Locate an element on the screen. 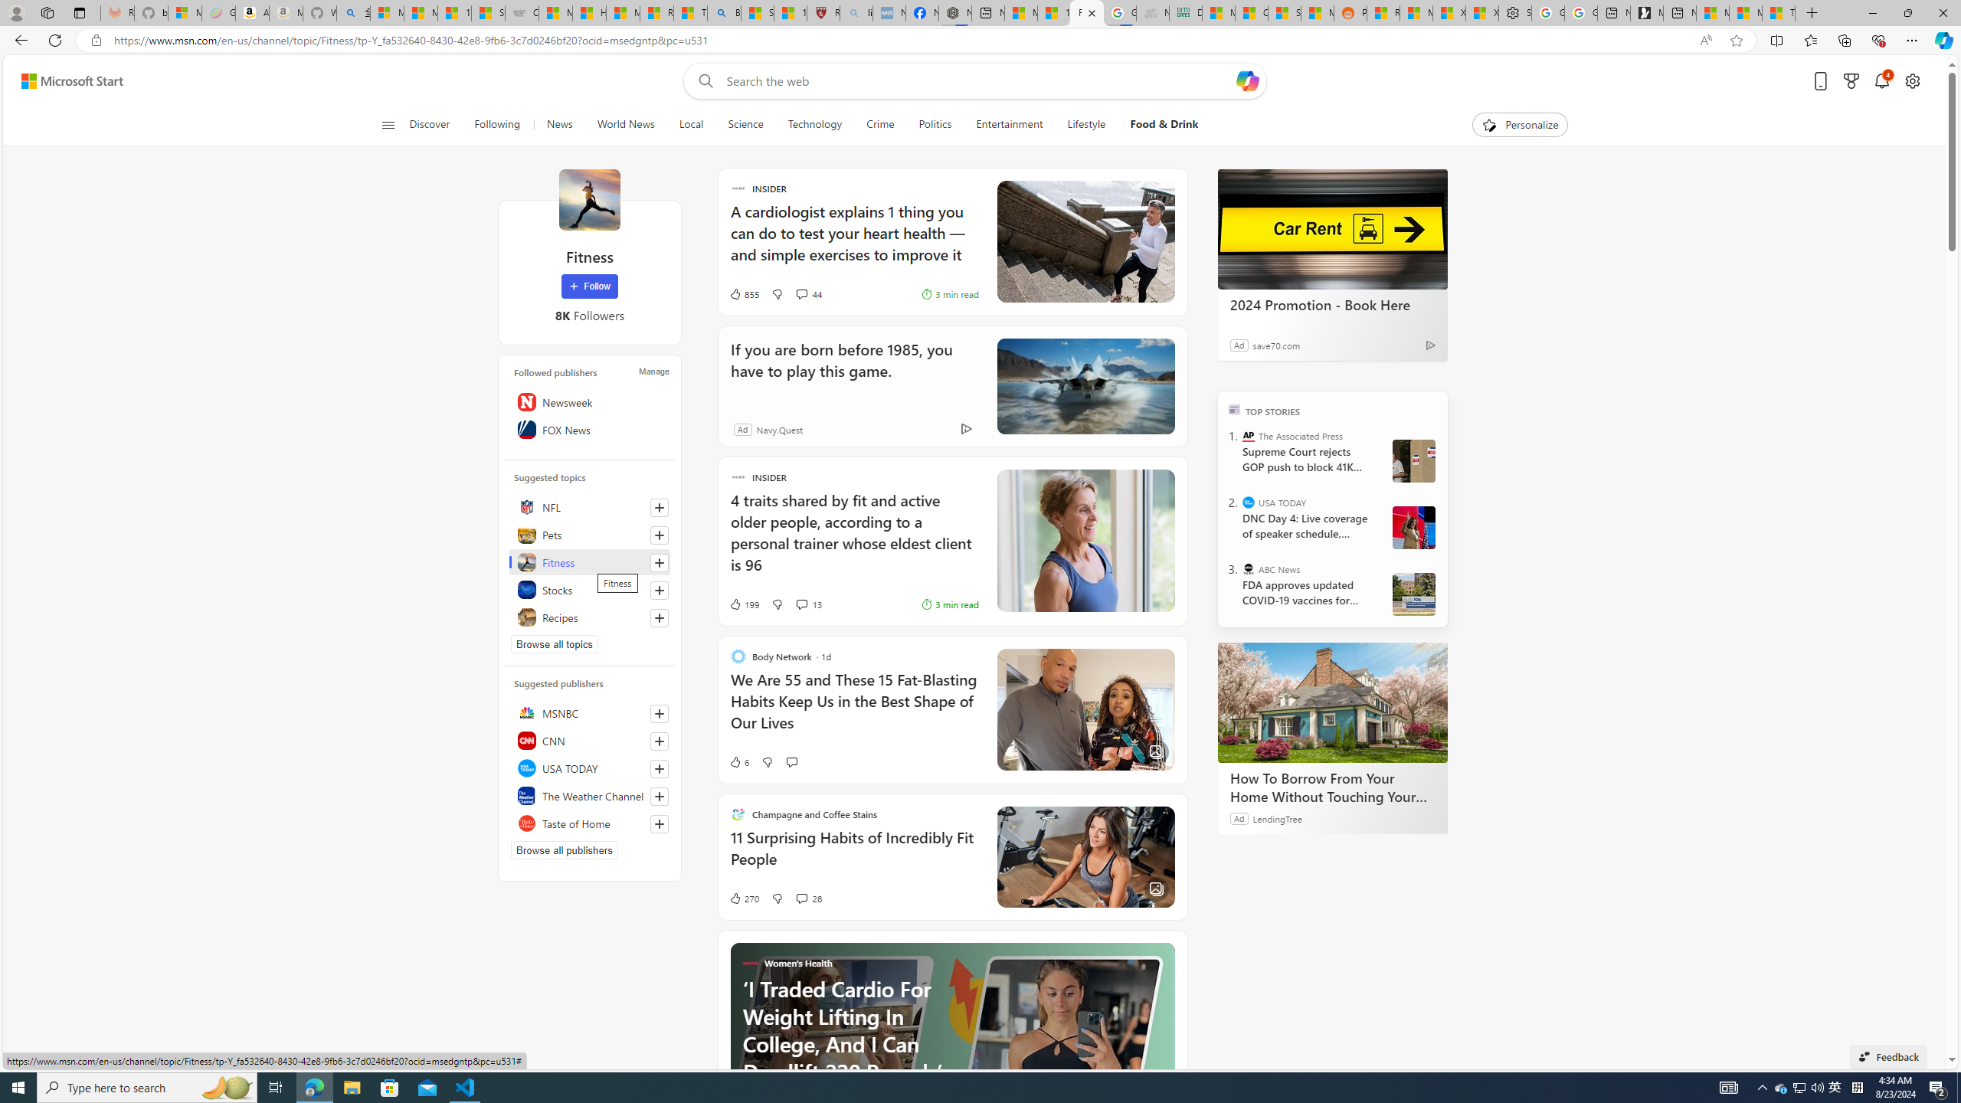 This screenshot has width=1961, height=1103. 'The Associated Press' is located at coordinates (1249, 435).